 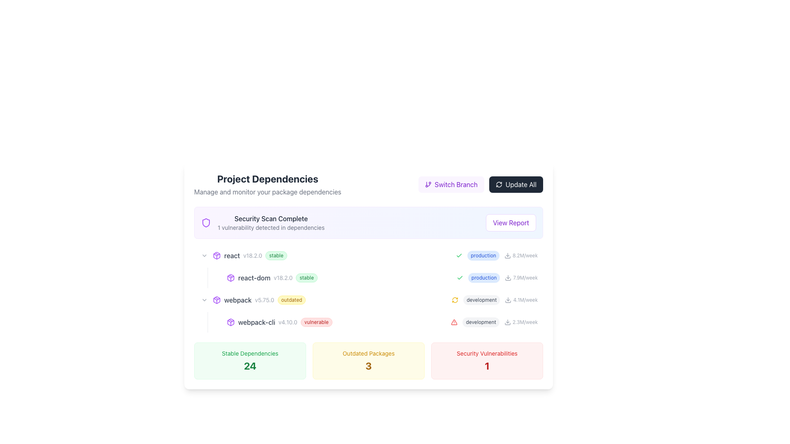 I want to click on the text label displaying the download frequency of the 'react-dom' package, positioned to the right of the download icon, so click(x=525, y=277).